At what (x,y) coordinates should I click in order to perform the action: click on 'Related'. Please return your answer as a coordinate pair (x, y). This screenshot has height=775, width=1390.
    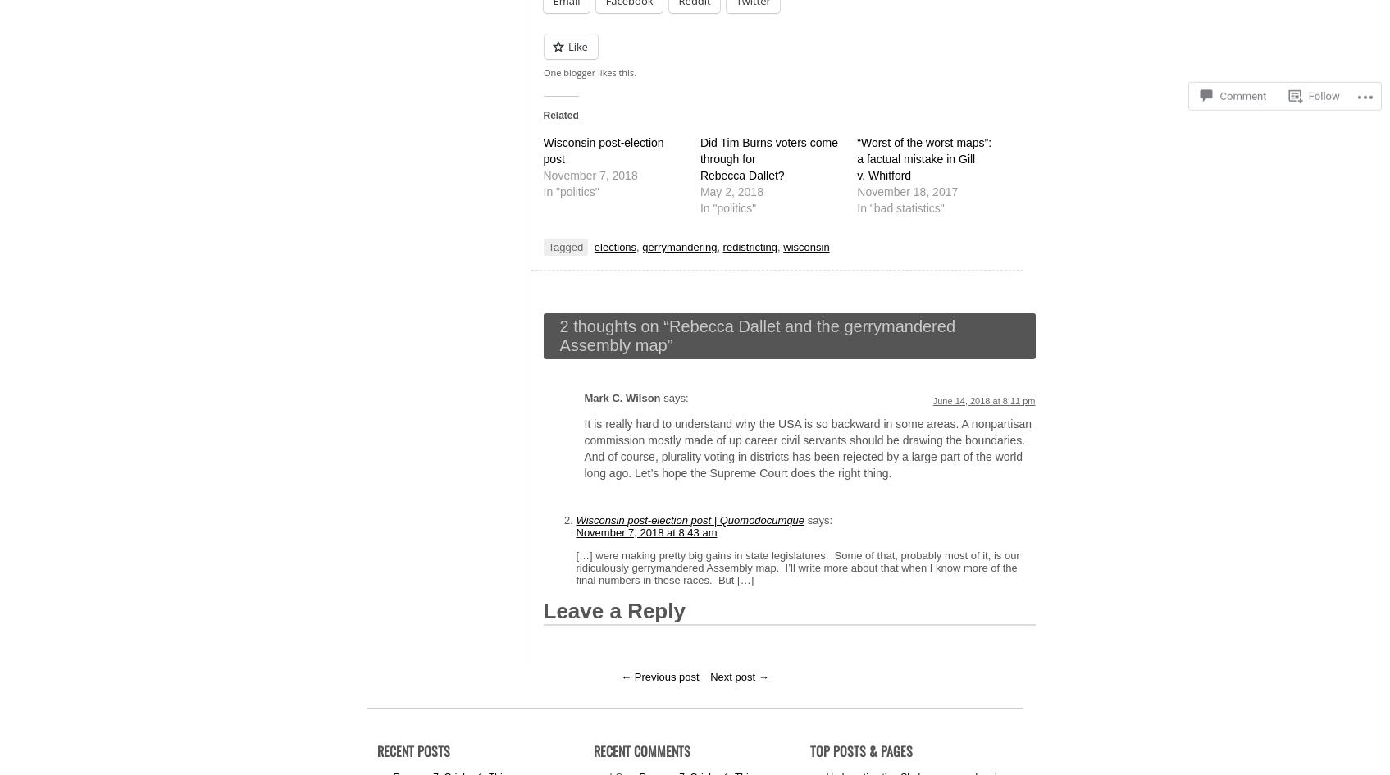
    Looking at the image, I should click on (560, 114).